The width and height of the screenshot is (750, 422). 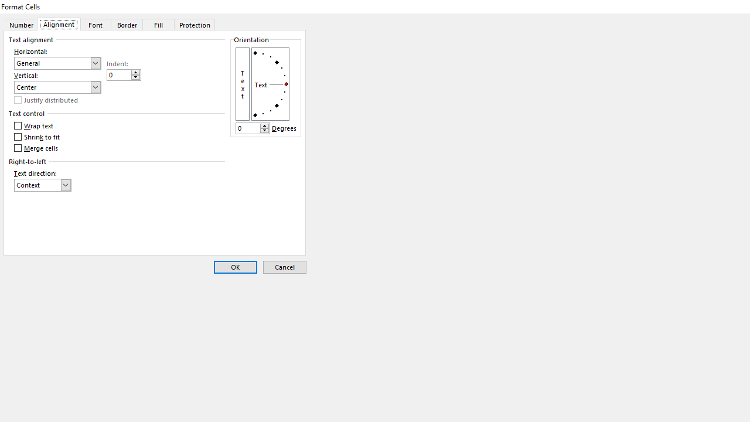 What do you see at coordinates (34, 126) in the screenshot?
I see `'Wrap text'` at bounding box center [34, 126].